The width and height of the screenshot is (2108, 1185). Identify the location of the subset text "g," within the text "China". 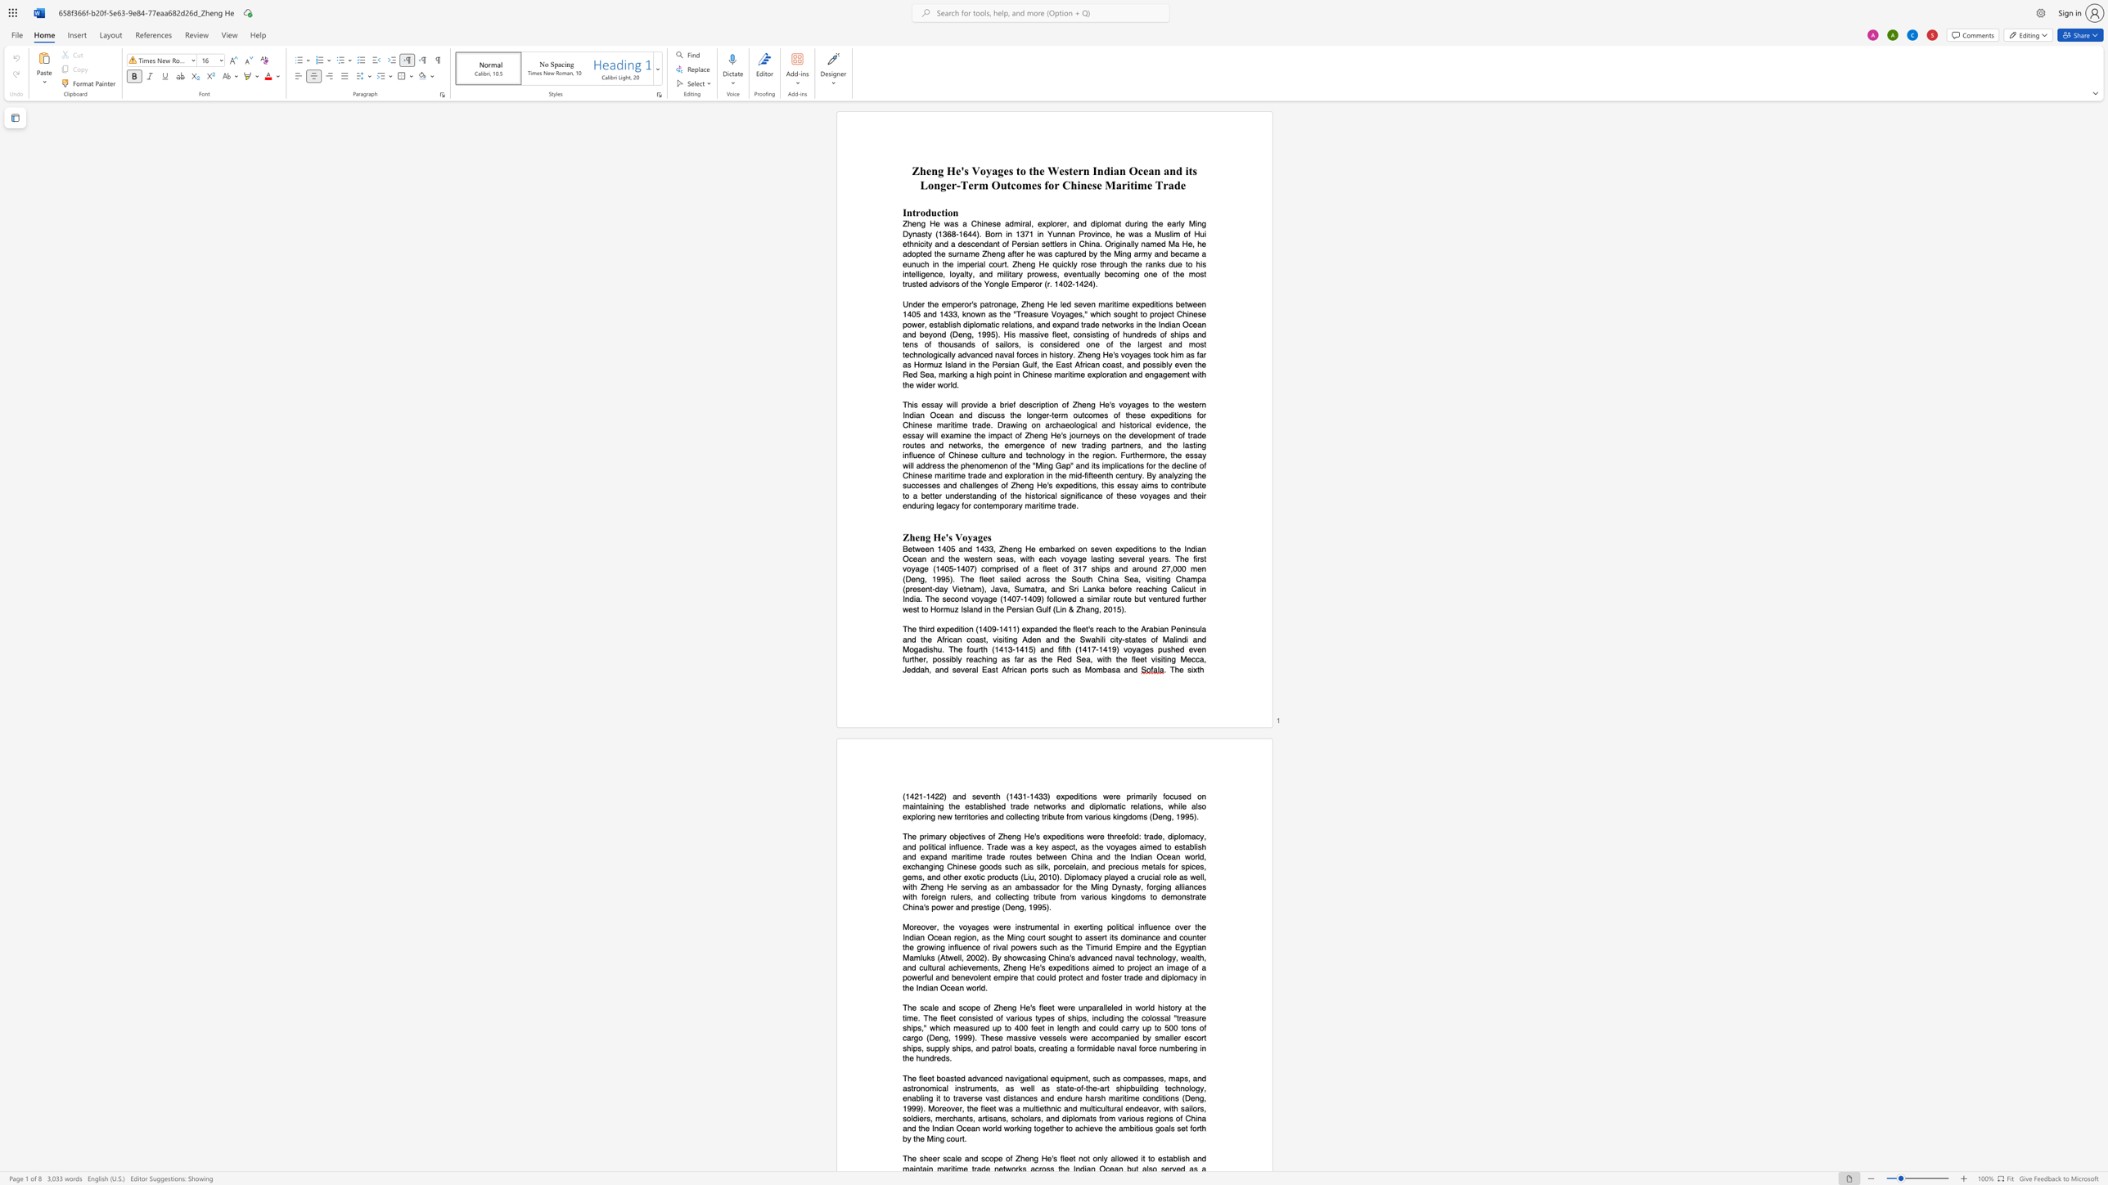
(1019, 906).